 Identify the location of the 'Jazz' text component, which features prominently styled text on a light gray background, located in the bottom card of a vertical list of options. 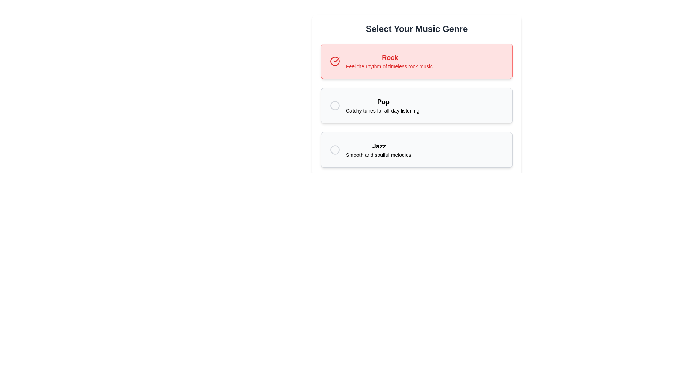
(379, 149).